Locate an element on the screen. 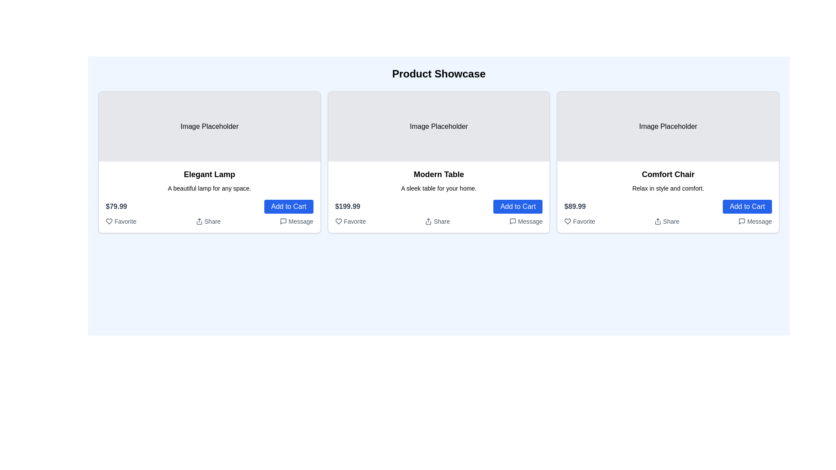  the 'Add to Cart' button for the product 'Elegant Lamp' located in the first column of the product card, positioned to the right of the '$79.99' price label is located at coordinates (289, 206).